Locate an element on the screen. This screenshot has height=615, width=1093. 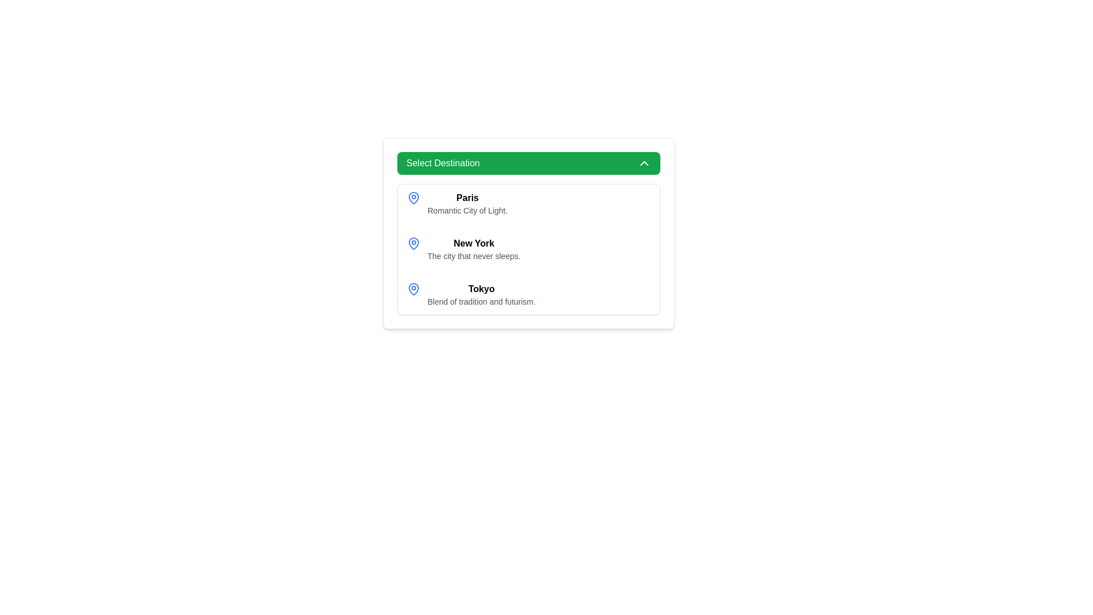
the static text label that reads 'Tokyo', which is positioned above the description 'Blend of tradition and futurism.' is located at coordinates (481, 288).